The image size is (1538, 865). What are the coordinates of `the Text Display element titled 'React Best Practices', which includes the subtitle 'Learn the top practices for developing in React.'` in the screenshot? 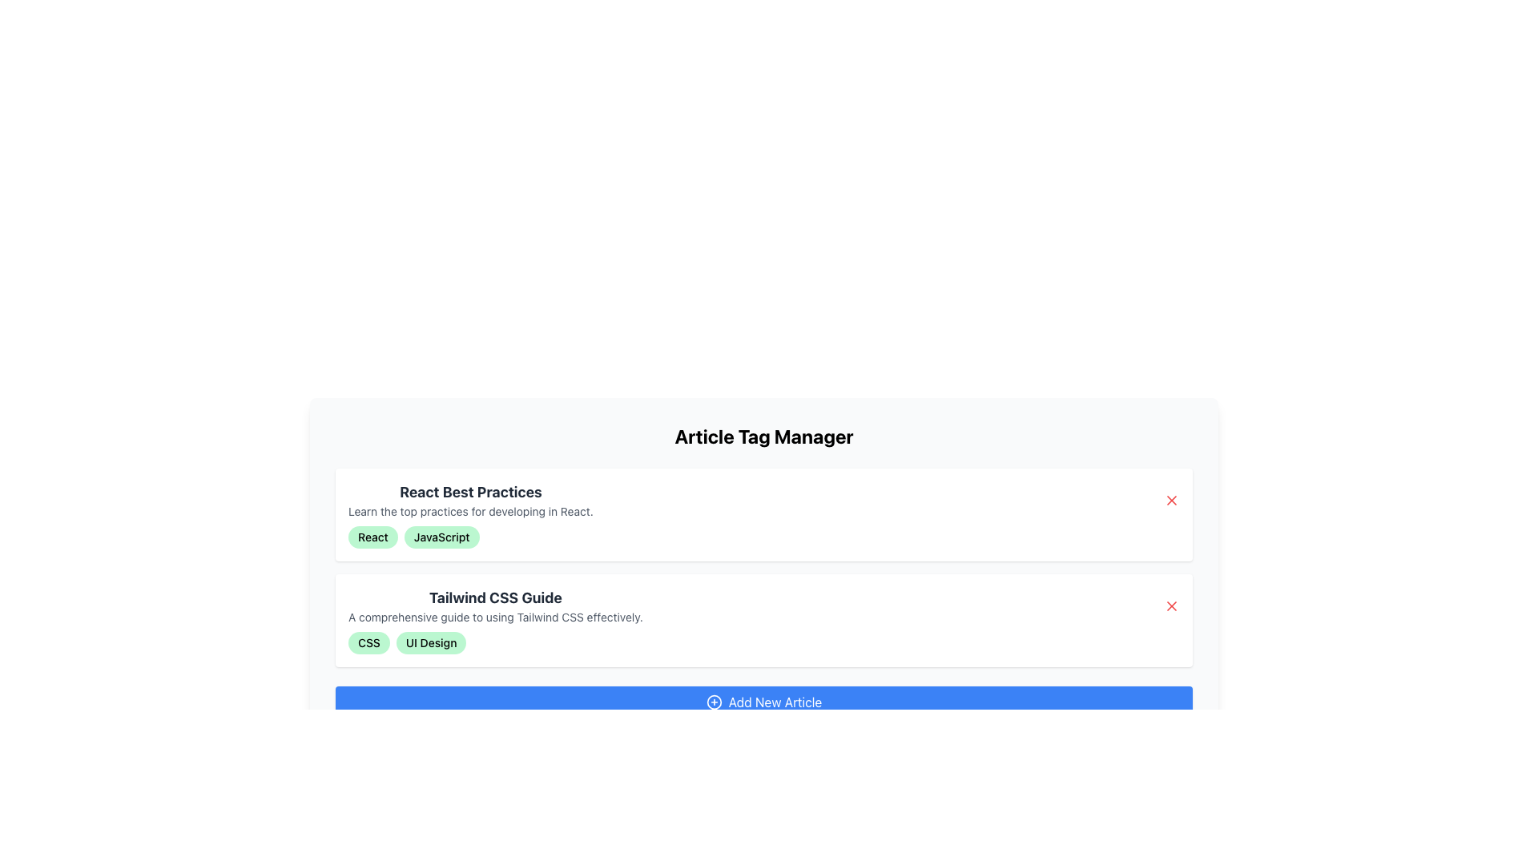 It's located at (469, 499).